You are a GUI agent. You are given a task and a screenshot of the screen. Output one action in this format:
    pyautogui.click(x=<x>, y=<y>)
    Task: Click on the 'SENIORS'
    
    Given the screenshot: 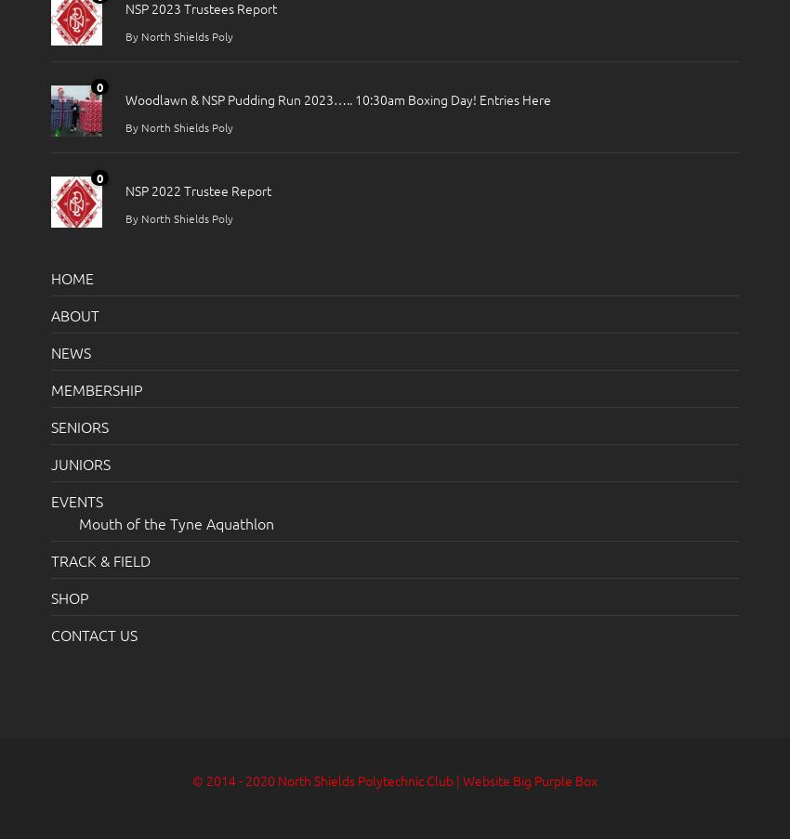 What is the action you would take?
    pyautogui.click(x=79, y=426)
    